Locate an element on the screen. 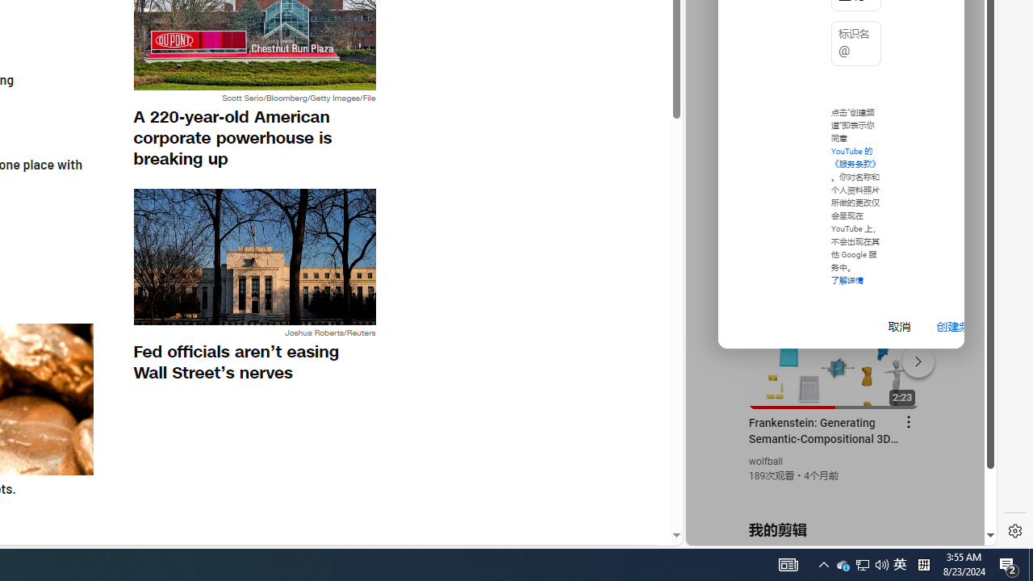 Image resolution: width=1033 pixels, height=581 pixels. 'Settings' is located at coordinates (1014, 531).